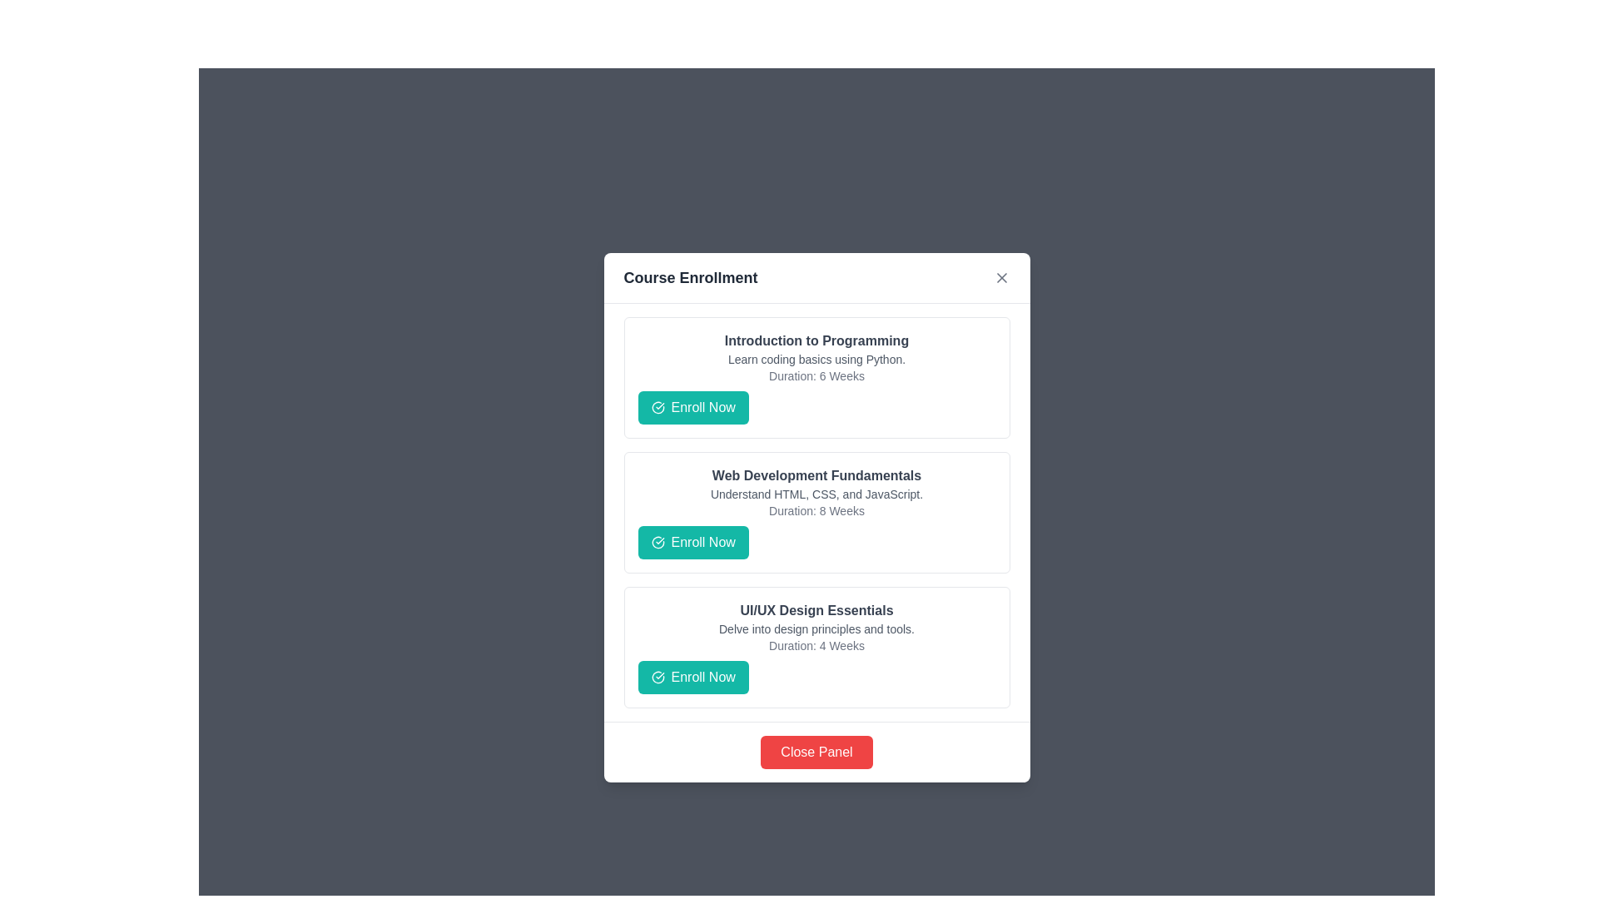  What do you see at coordinates (693, 542) in the screenshot?
I see `the 'Enroll Now' button, which is a teal rectangular button with white text and a checkmark icon, located in the bottom section of the course panel for 'Web Development Fundamentals'` at bounding box center [693, 542].